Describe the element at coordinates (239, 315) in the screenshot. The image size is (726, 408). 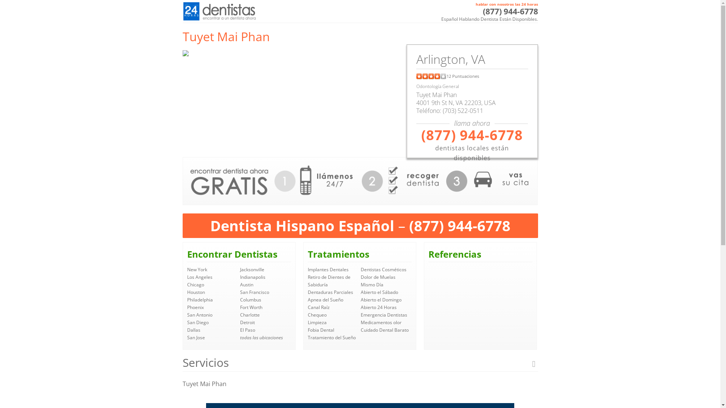
I see `'Charlotte'` at that location.